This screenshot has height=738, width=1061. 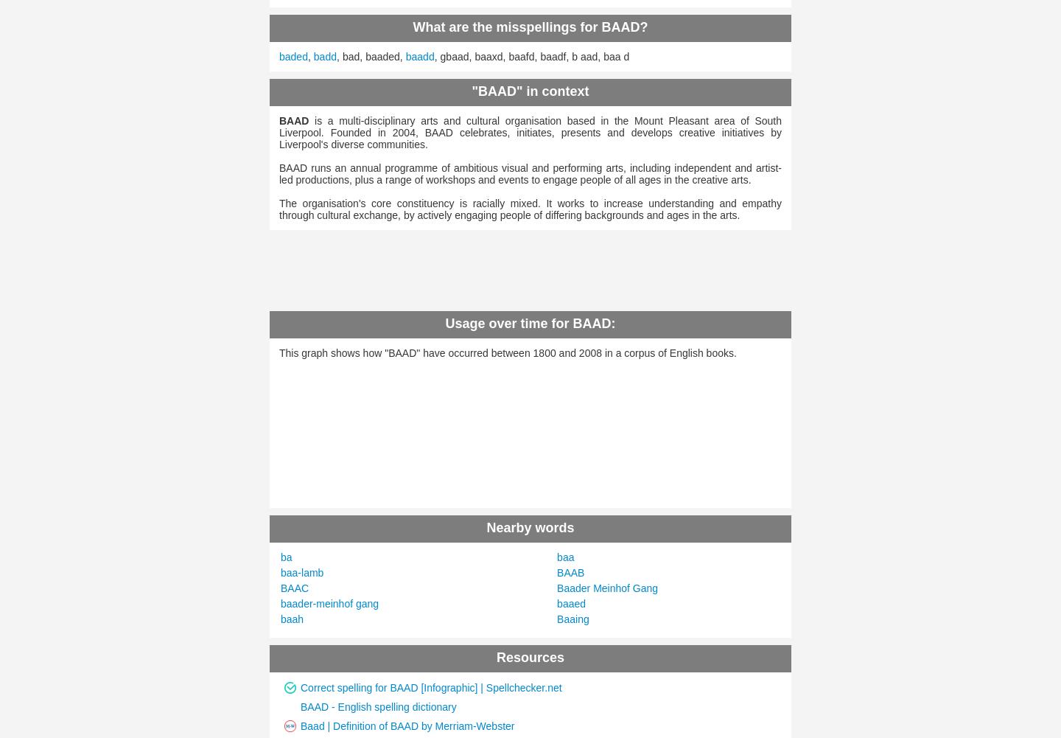 What do you see at coordinates (530, 657) in the screenshot?
I see `'Resources'` at bounding box center [530, 657].